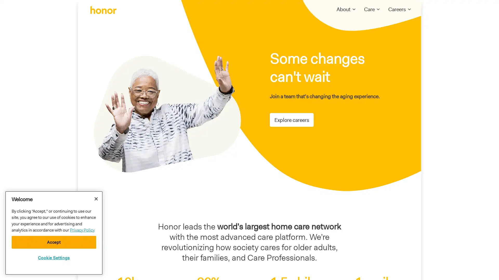 This screenshot has width=499, height=280. What do you see at coordinates (369, 9) in the screenshot?
I see `Care` at bounding box center [369, 9].